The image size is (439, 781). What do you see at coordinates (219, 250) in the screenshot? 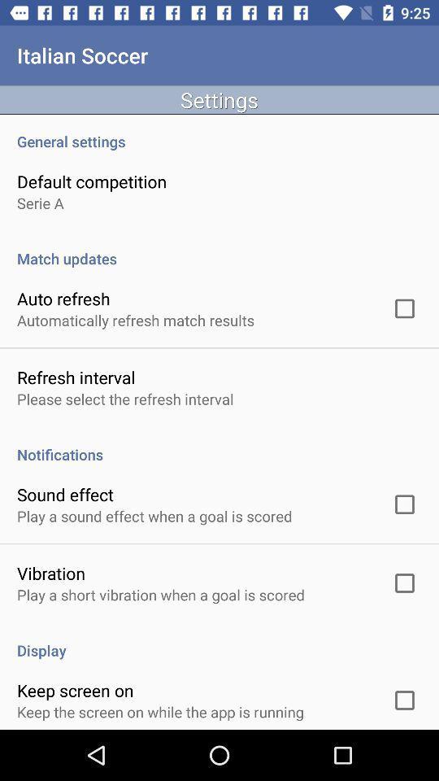
I see `match updates` at bounding box center [219, 250].